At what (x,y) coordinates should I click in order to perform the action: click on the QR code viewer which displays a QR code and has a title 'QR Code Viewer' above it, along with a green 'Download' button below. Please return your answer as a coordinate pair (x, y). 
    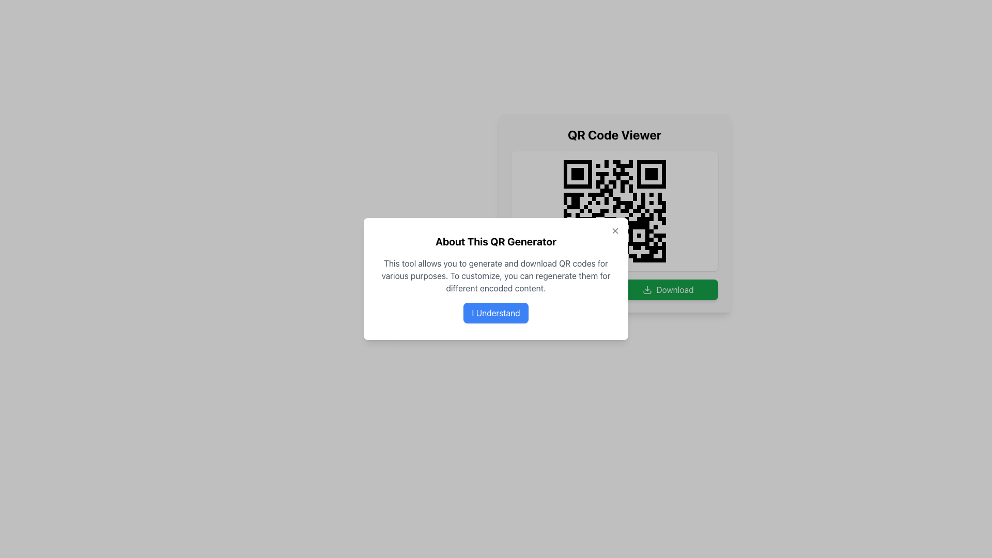
    Looking at the image, I should click on (614, 212).